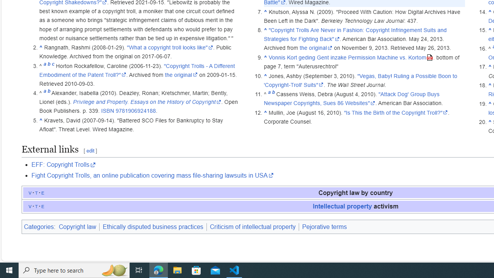 Image resolution: width=494 pixels, height=278 pixels. I want to click on 'e', so click(42, 205).